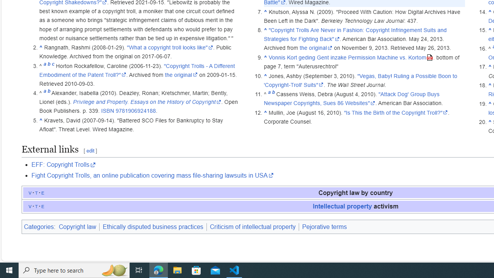 Image resolution: width=494 pixels, height=278 pixels. I want to click on 'e', so click(42, 205).